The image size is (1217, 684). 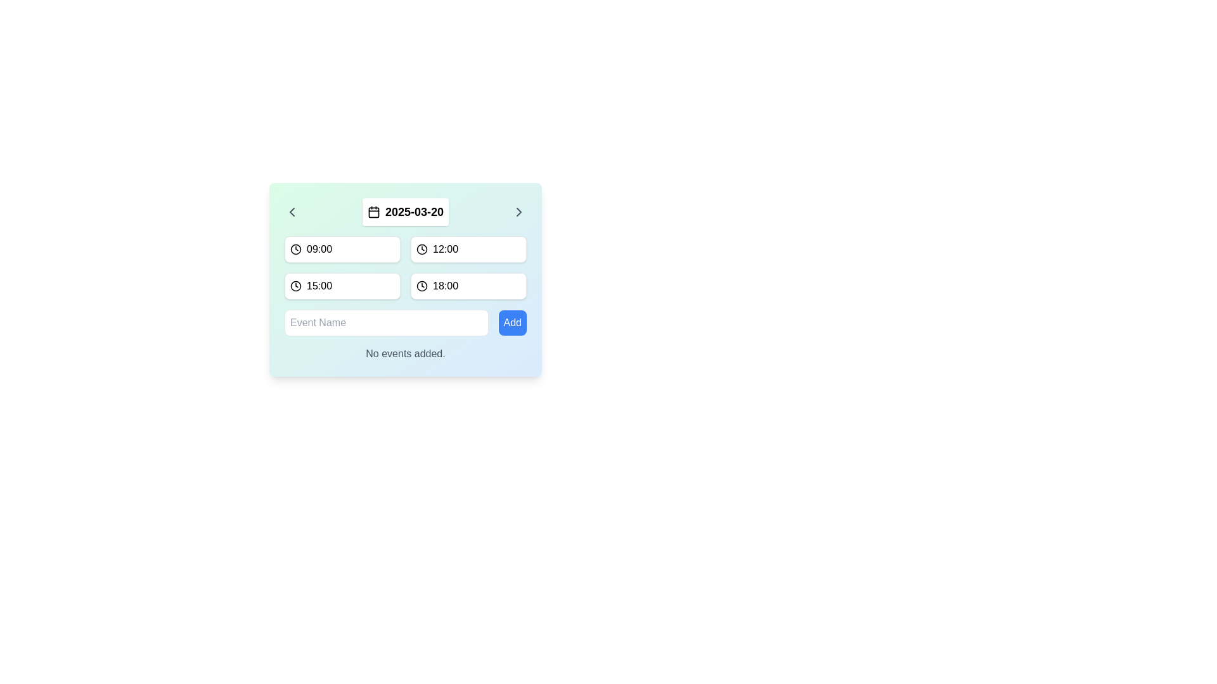 What do you see at coordinates (373, 212) in the screenshot?
I see `the calendar icon located to the left of the date label '2025-03-20', characterized by its minimalistic design and monochrome appearance` at bounding box center [373, 212].